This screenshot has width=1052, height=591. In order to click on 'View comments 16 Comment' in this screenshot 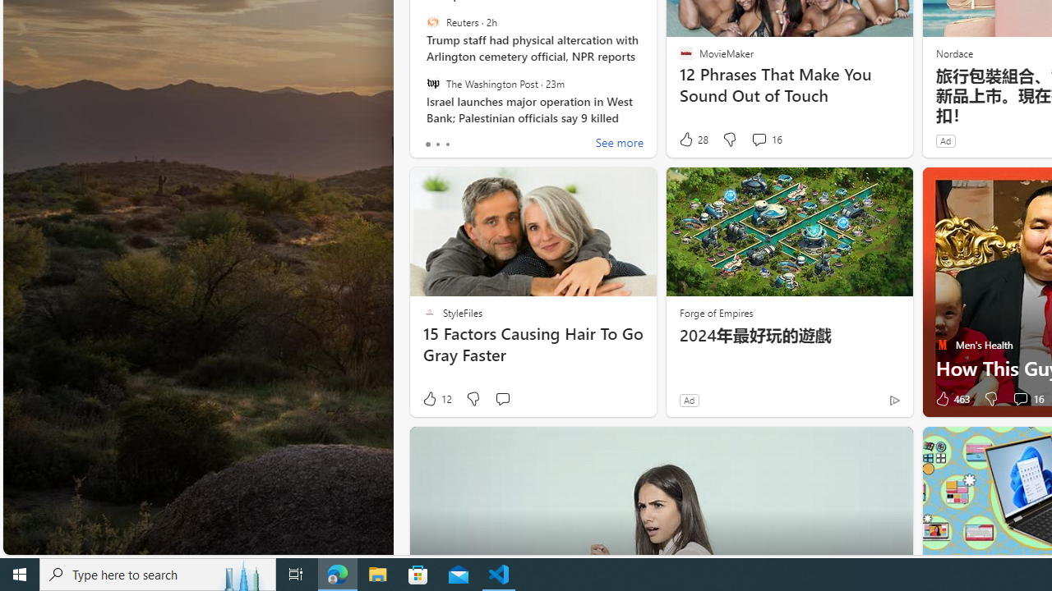, I will do `click(1026, 399)`.